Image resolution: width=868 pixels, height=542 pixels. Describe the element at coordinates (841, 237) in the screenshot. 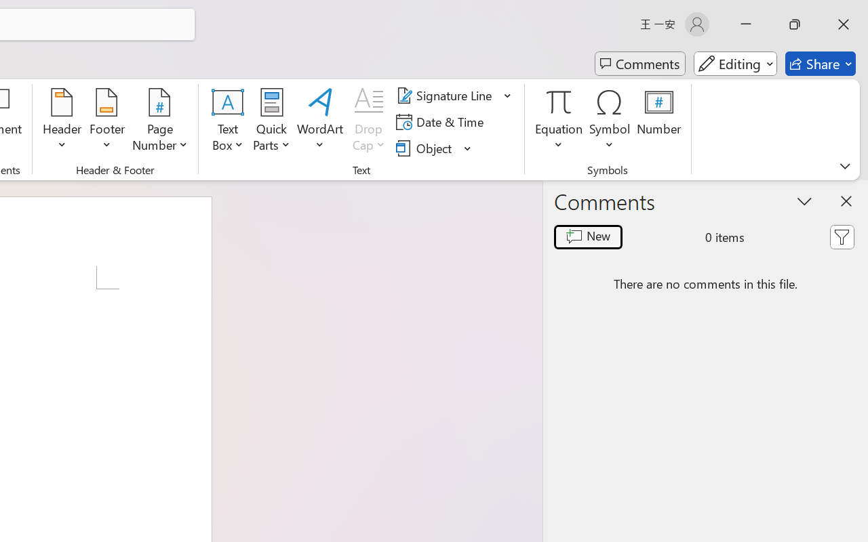

I see `'Filter'` at that location.